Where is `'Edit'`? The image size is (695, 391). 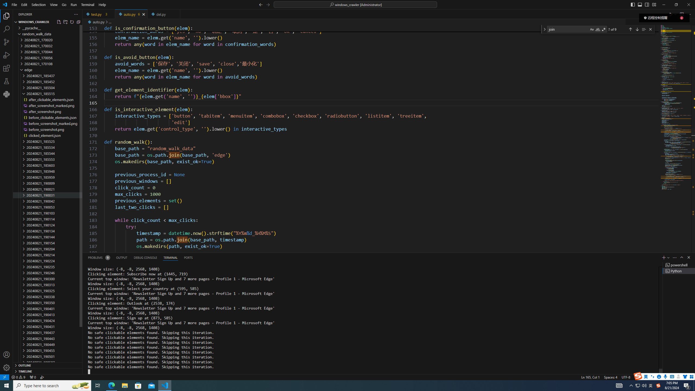
'Edit' is located at coordinates (24, 4).